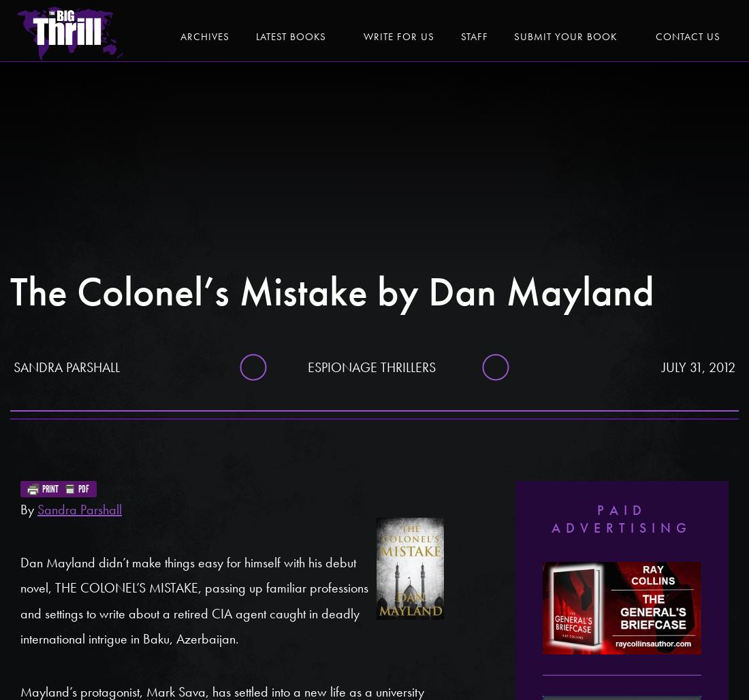  What do you see at coordinates (592, 97) in the screenshot?
I see `'David Joy'` at bounding box center [592, 97].